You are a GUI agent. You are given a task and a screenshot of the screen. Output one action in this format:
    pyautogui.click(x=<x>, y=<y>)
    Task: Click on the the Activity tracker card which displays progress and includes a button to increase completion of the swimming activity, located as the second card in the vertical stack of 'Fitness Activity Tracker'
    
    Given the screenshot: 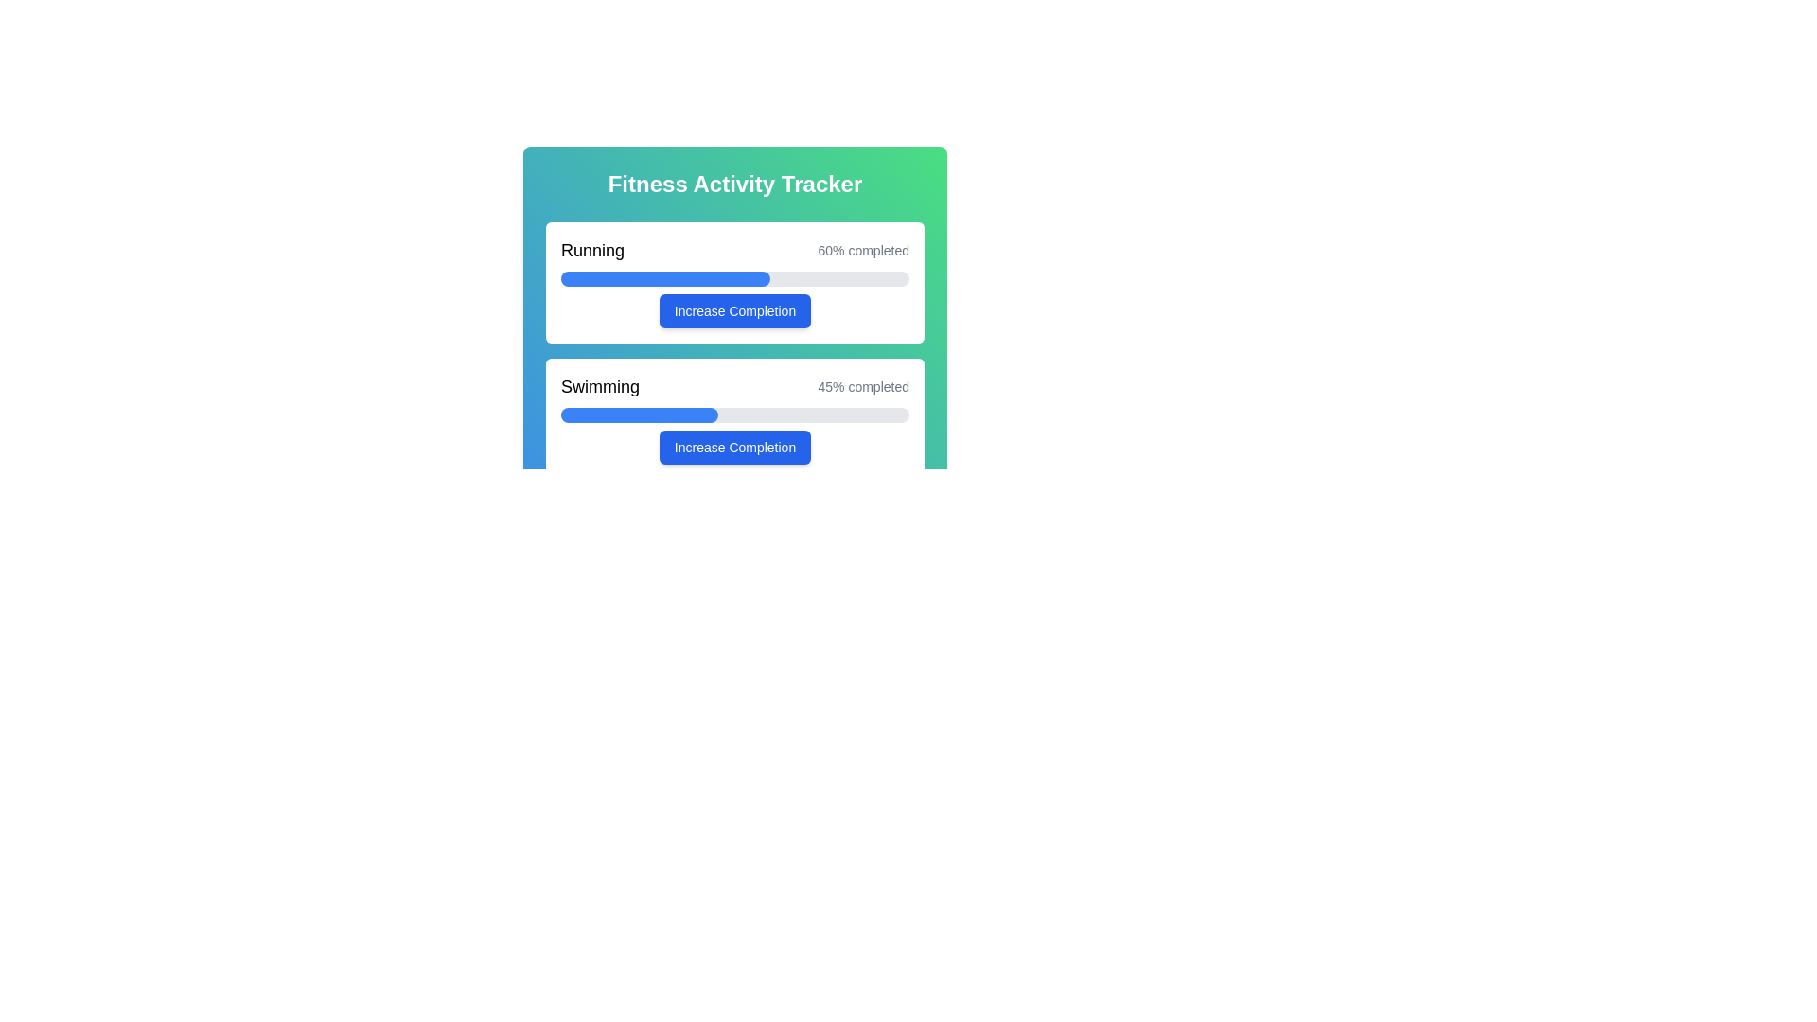 What is the action you would take?
    pyautogui.click(x=734, y=392)
    